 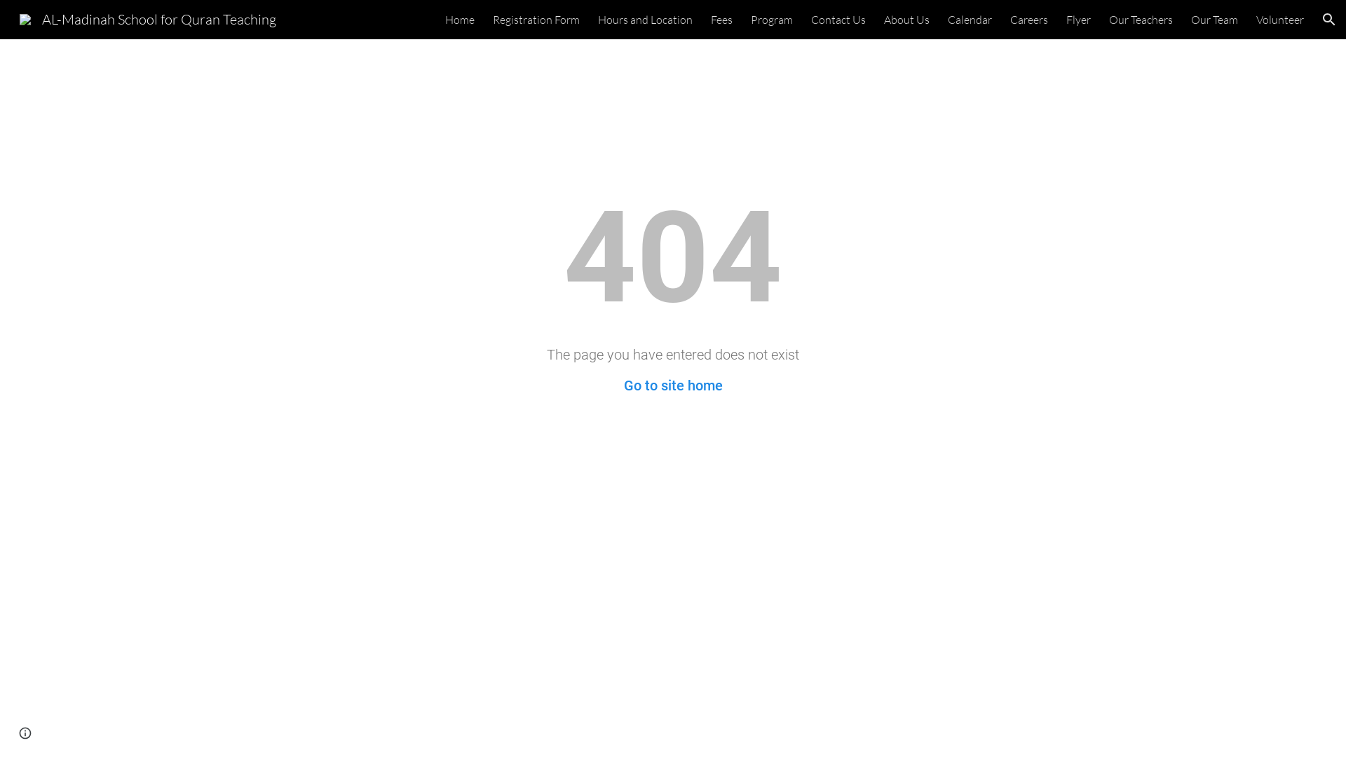 I want to click on 'Volunteer', so click(x=1279, y=19).